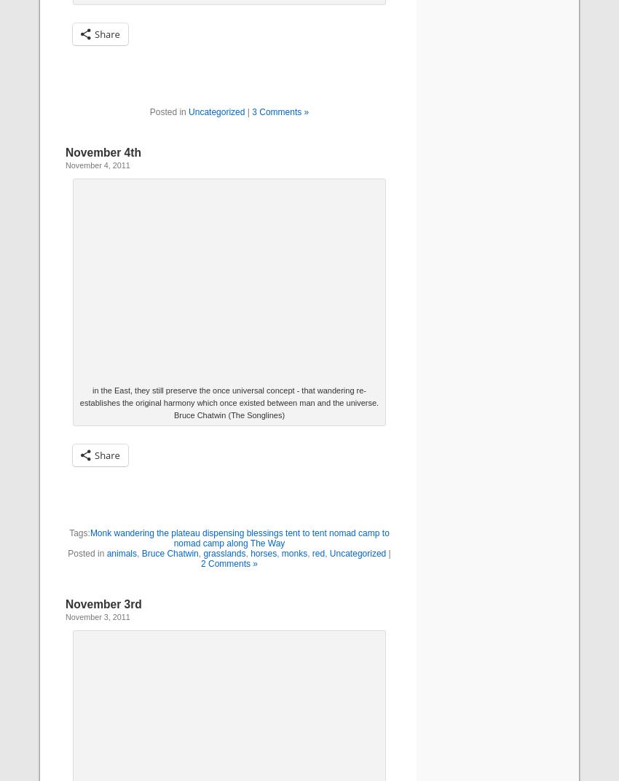 This screenshot has height=781, width=619. What do you see at coordinates (140, 554) in the screenshot?
I see `'Bruce Chatwin'` at bounding box center [140, 554].